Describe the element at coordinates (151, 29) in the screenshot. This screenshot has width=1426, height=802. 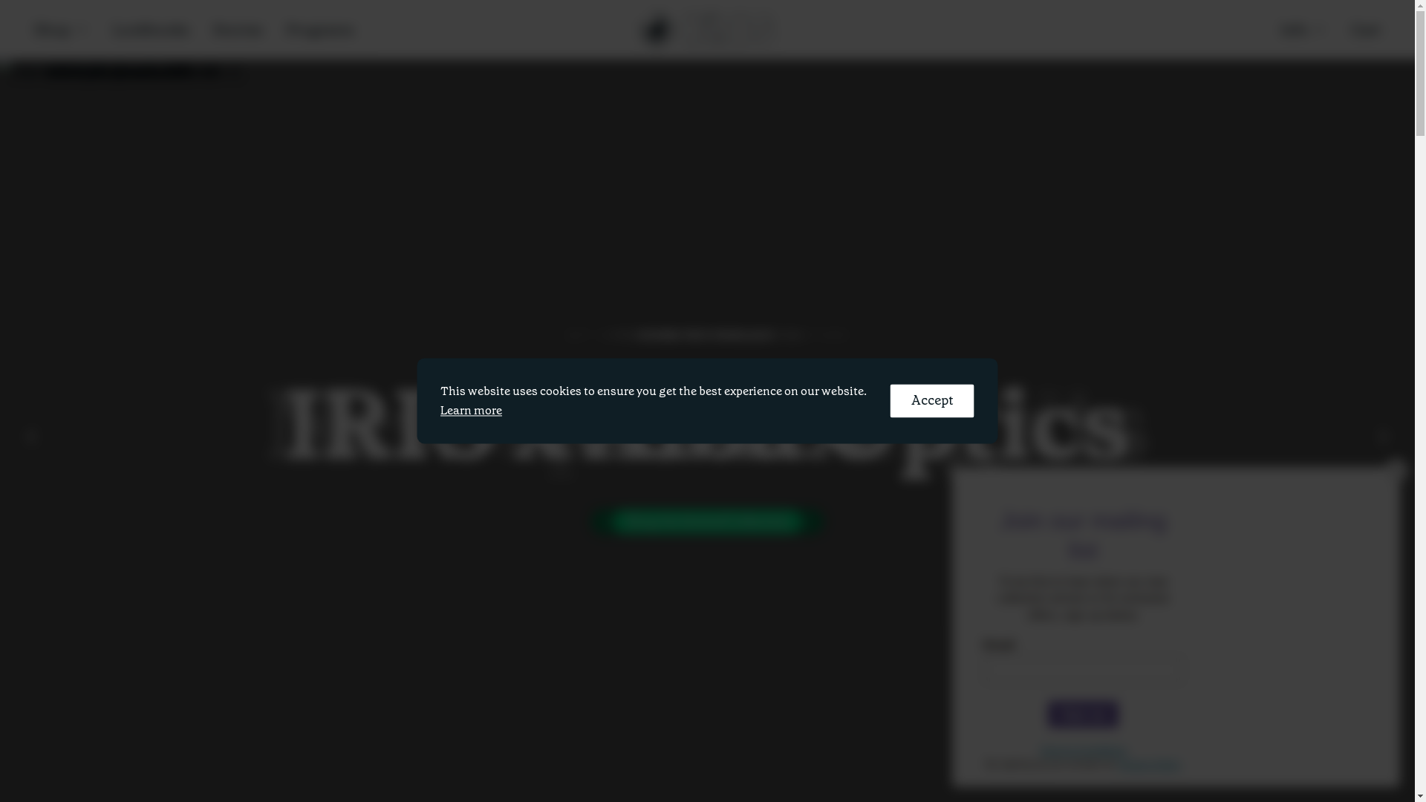
I see `'Lookbooks'` at that location.